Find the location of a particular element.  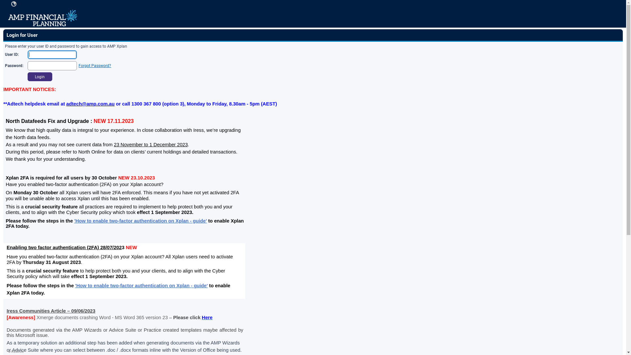

'Here' is located at coordinates (207, 317).